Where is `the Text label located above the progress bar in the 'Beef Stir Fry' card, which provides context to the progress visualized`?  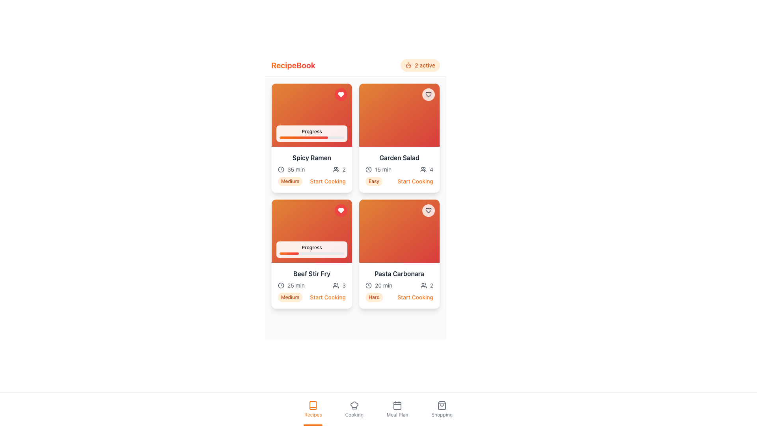
the Text label located above the progress bar in the 'Beef Stir Fry' card, which provides context to the progress visualized is located at coordinates (311, 247).